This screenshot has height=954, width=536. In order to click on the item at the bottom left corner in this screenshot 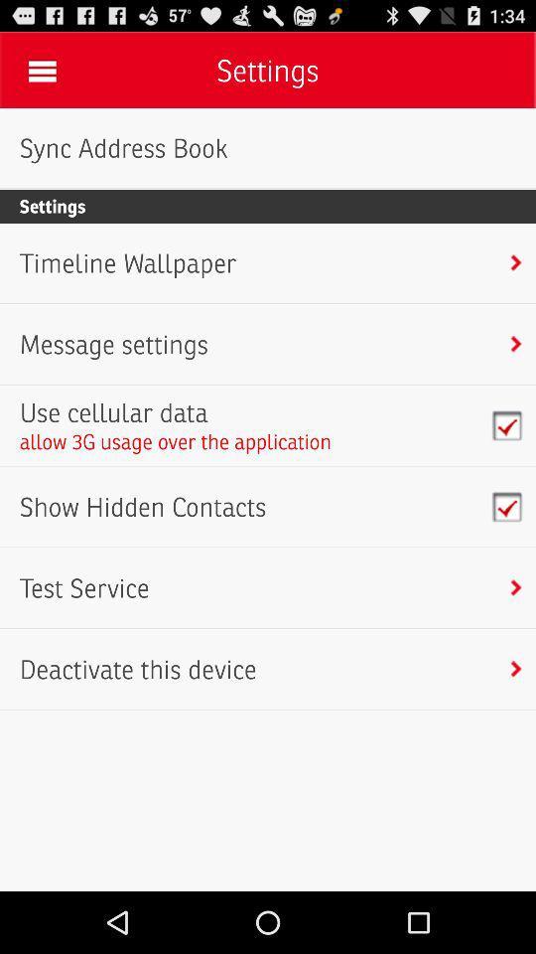, I will do `click(137, 669)`.